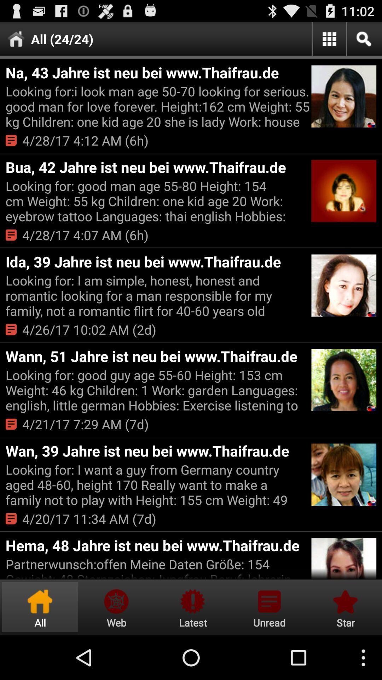 The image size is (382, 680). I want to click on na 43 jahre, so click(157, 72).